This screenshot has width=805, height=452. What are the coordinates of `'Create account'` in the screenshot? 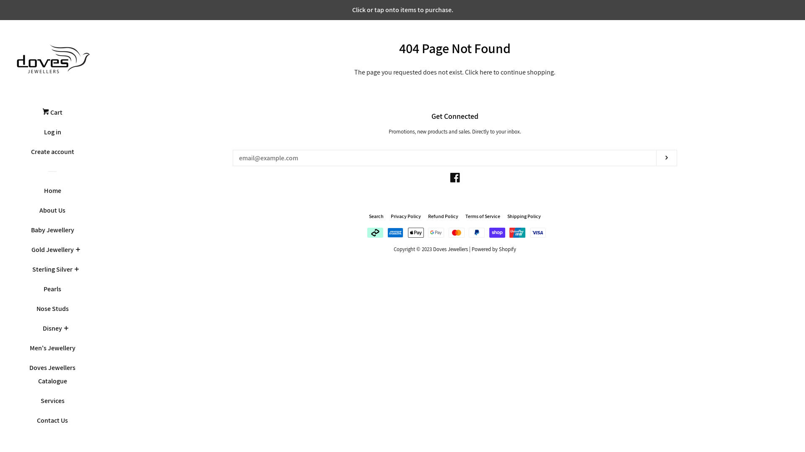 It's located at (52, 155).